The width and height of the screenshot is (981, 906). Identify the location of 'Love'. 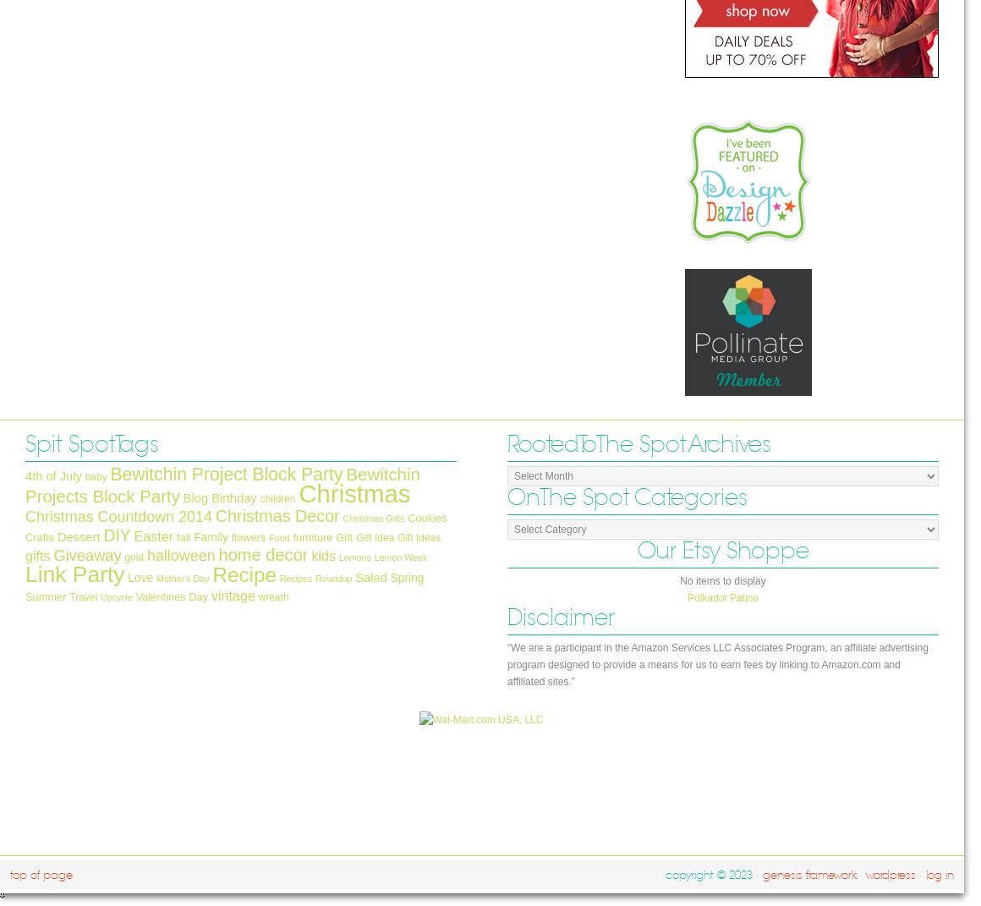
(140, 577).